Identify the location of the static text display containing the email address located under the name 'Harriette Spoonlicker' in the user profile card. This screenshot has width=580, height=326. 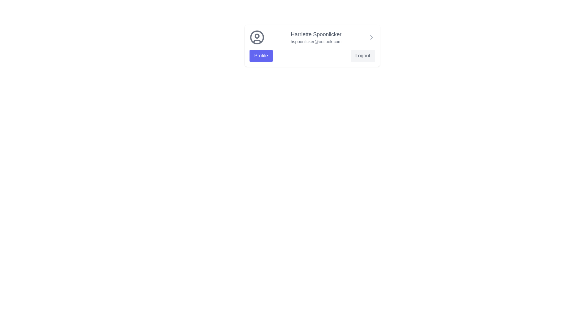
(316, 41).